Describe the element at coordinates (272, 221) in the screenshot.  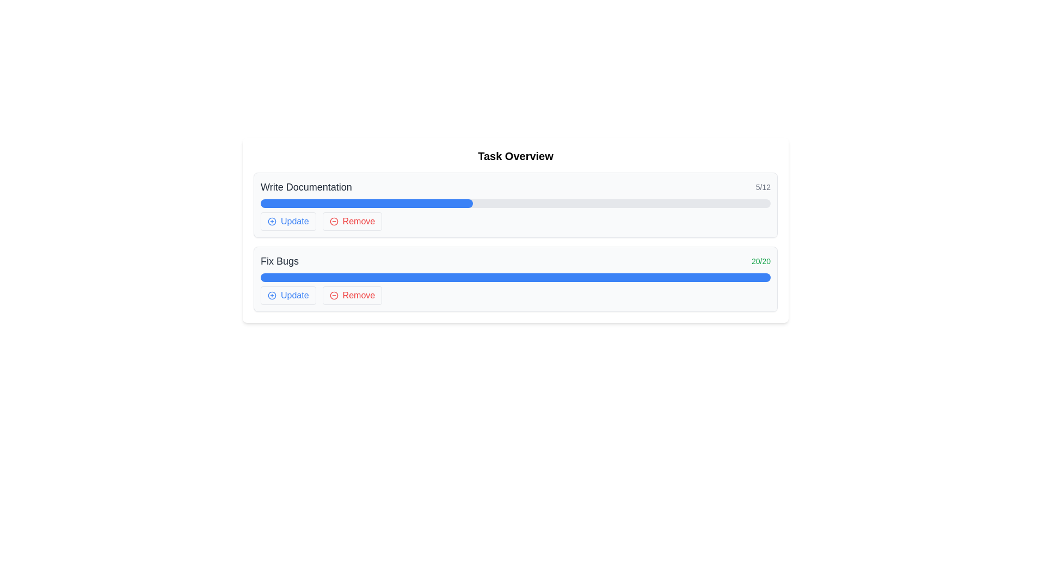
I see `the 'Update' button which contains the icon indicating an 'add' or 'update' function, located in the 'Write Documentation' task section` at that location.